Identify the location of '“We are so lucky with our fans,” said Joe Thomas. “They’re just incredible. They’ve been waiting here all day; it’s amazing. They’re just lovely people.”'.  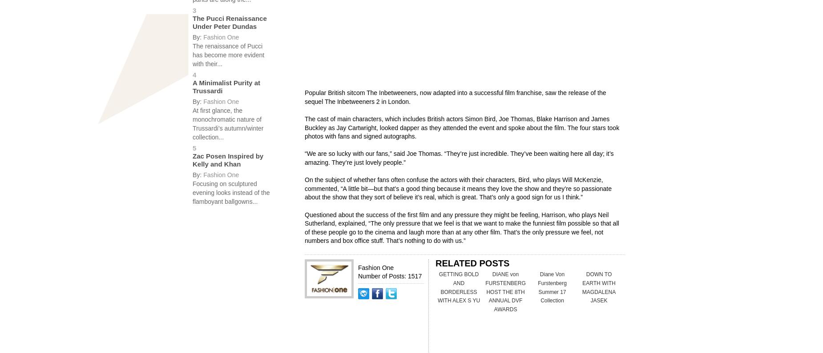
(458, 158).